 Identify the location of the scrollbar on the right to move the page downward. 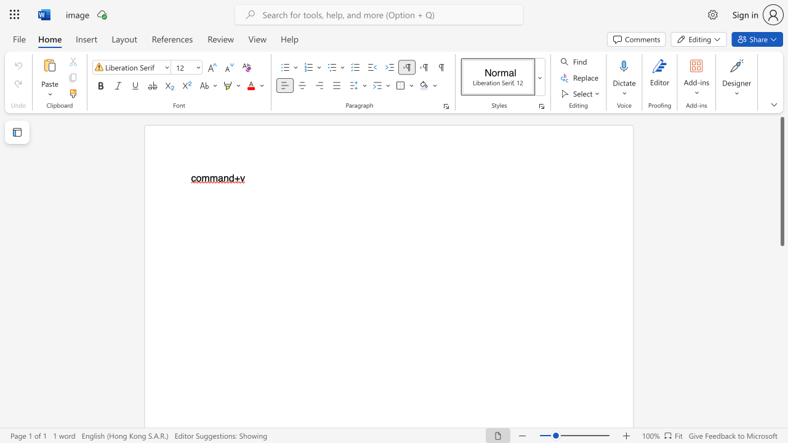
(781, 263).